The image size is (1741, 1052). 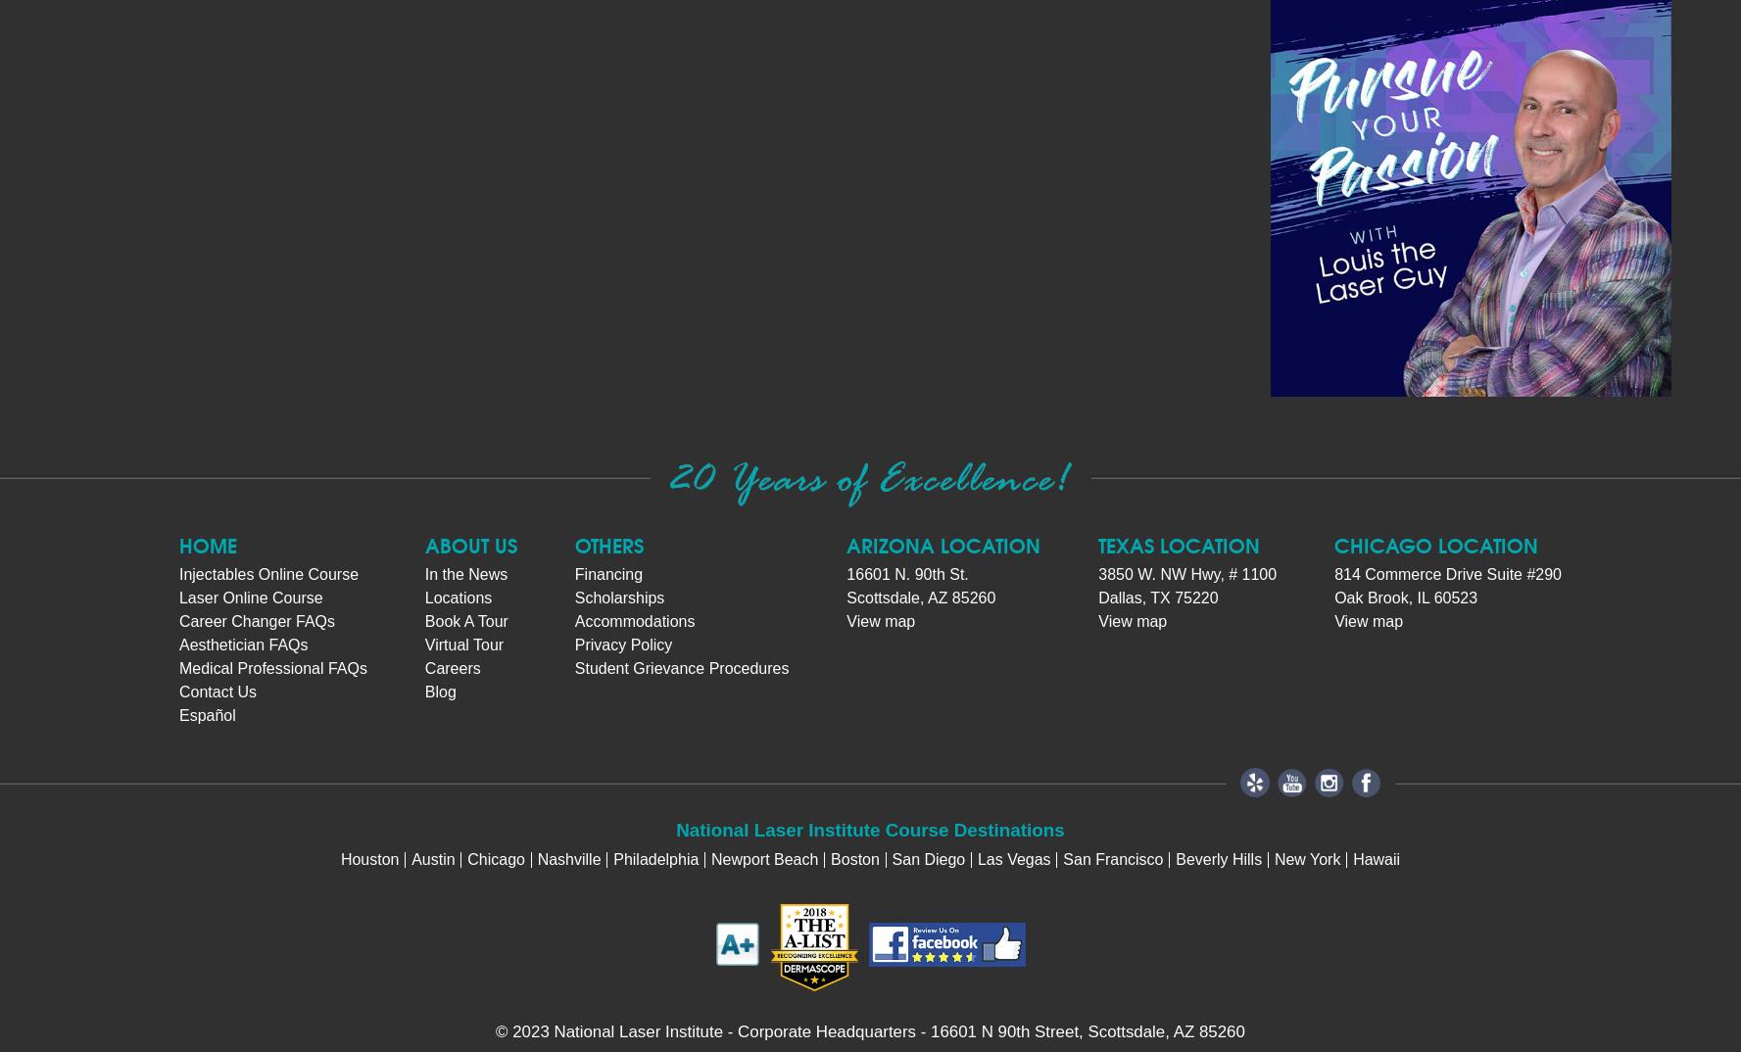 What do you see at coordinates (845, 597) in the screenshot?
I see `'Scottsdale, AZ 85260'` at bounding box center [845, 597].